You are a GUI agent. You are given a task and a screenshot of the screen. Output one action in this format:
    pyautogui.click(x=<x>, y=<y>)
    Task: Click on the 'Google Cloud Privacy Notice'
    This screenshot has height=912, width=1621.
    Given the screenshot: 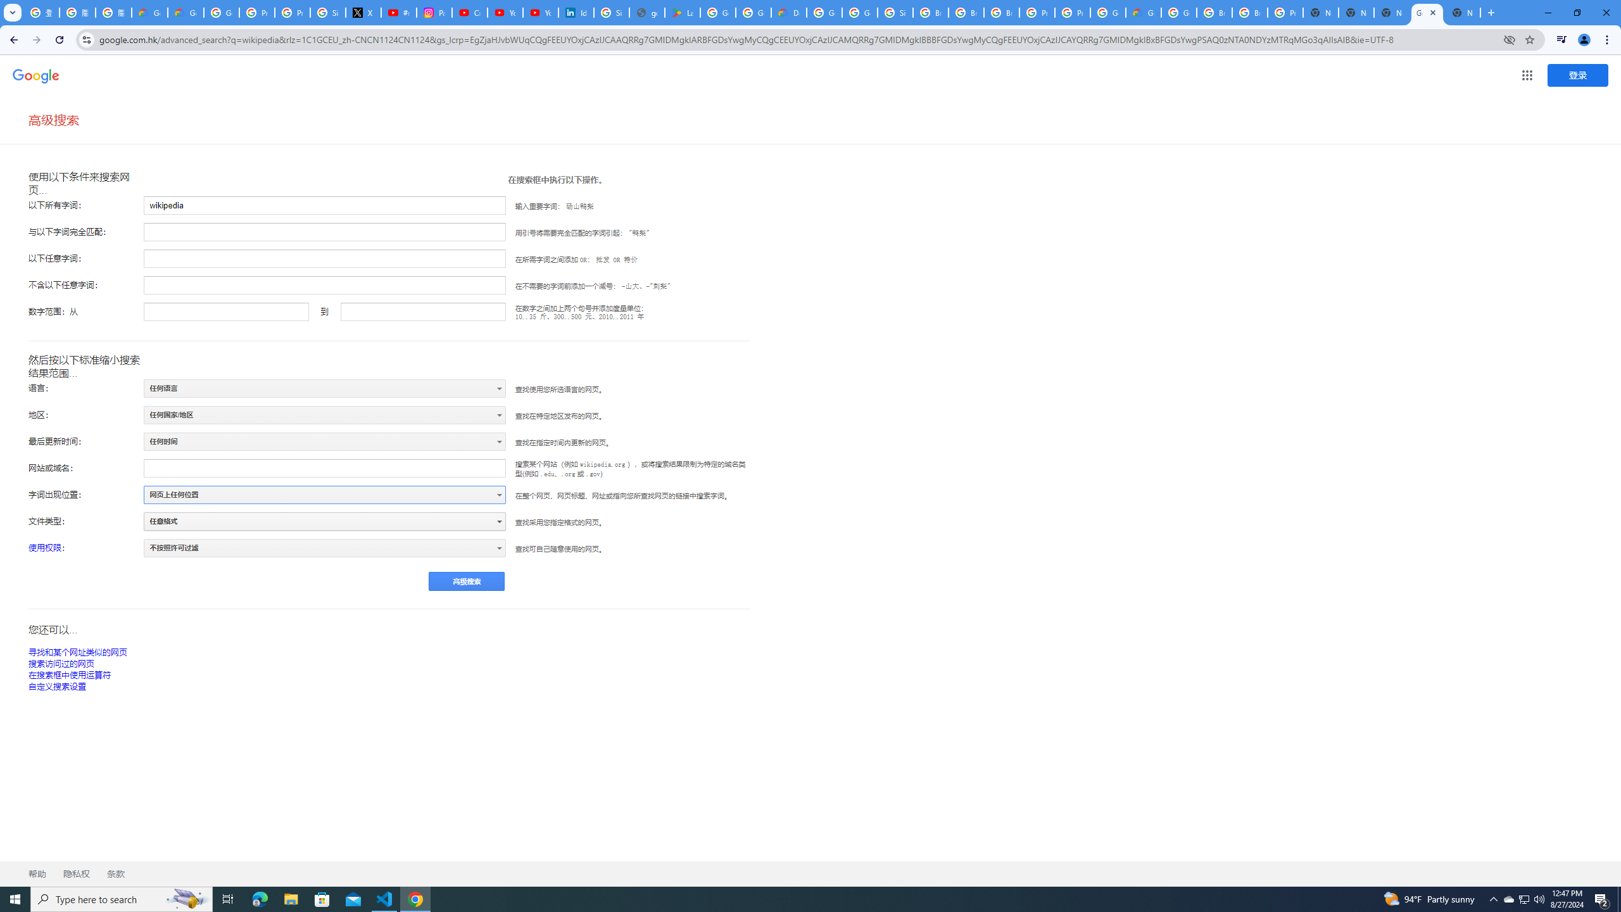 What is the action you would take?
    pyautogui.click(x=186, y=12)
    